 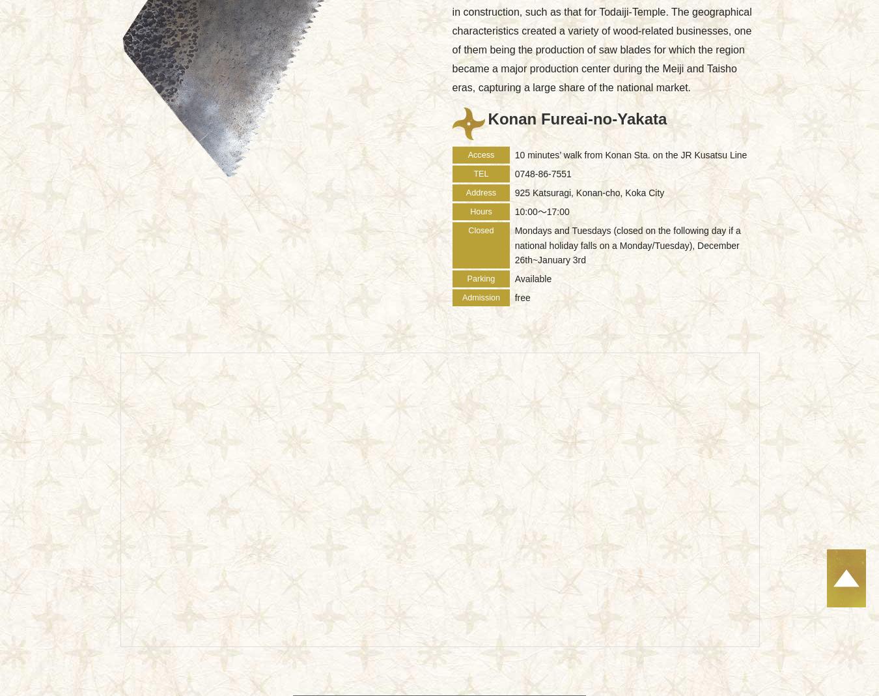 I want to click on 'Available', so click(x=533, y=278).